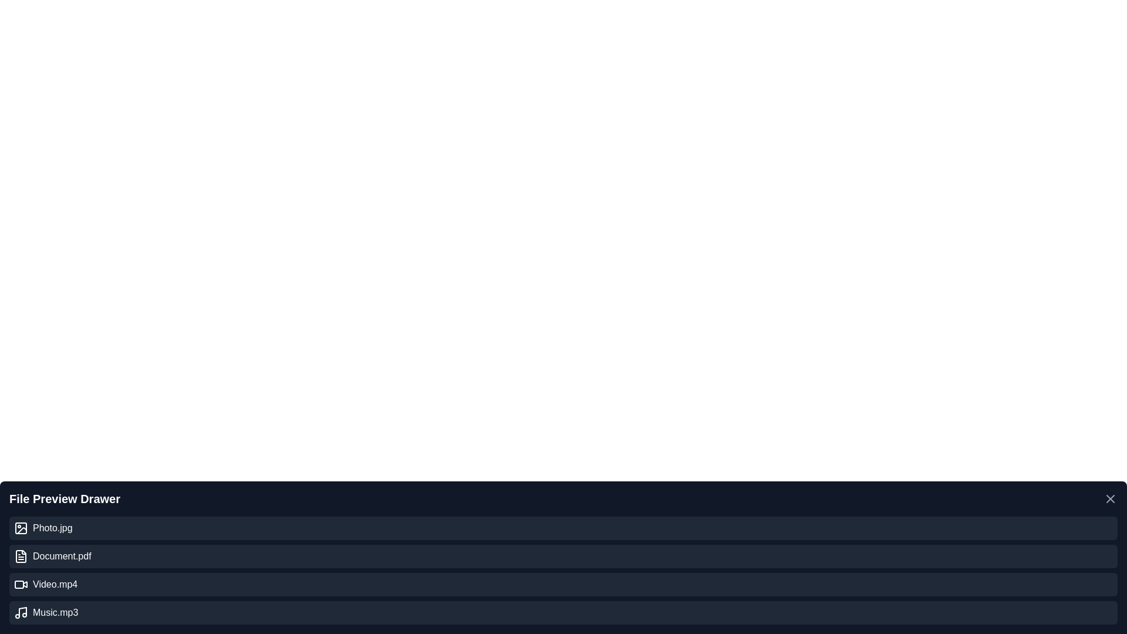 This screenshot has width=1127, height=634. I want to click on the audio file icon representing 'Music.mp3', located to the left of the text within the fourth row of the list, so click(21, 612).